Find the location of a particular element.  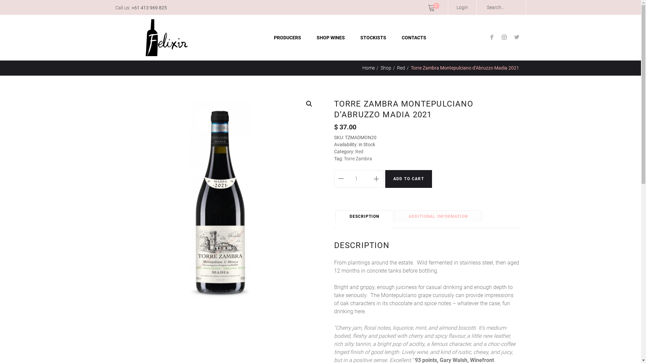

'DESCRIPTION' is located at coordinates (364, 216).